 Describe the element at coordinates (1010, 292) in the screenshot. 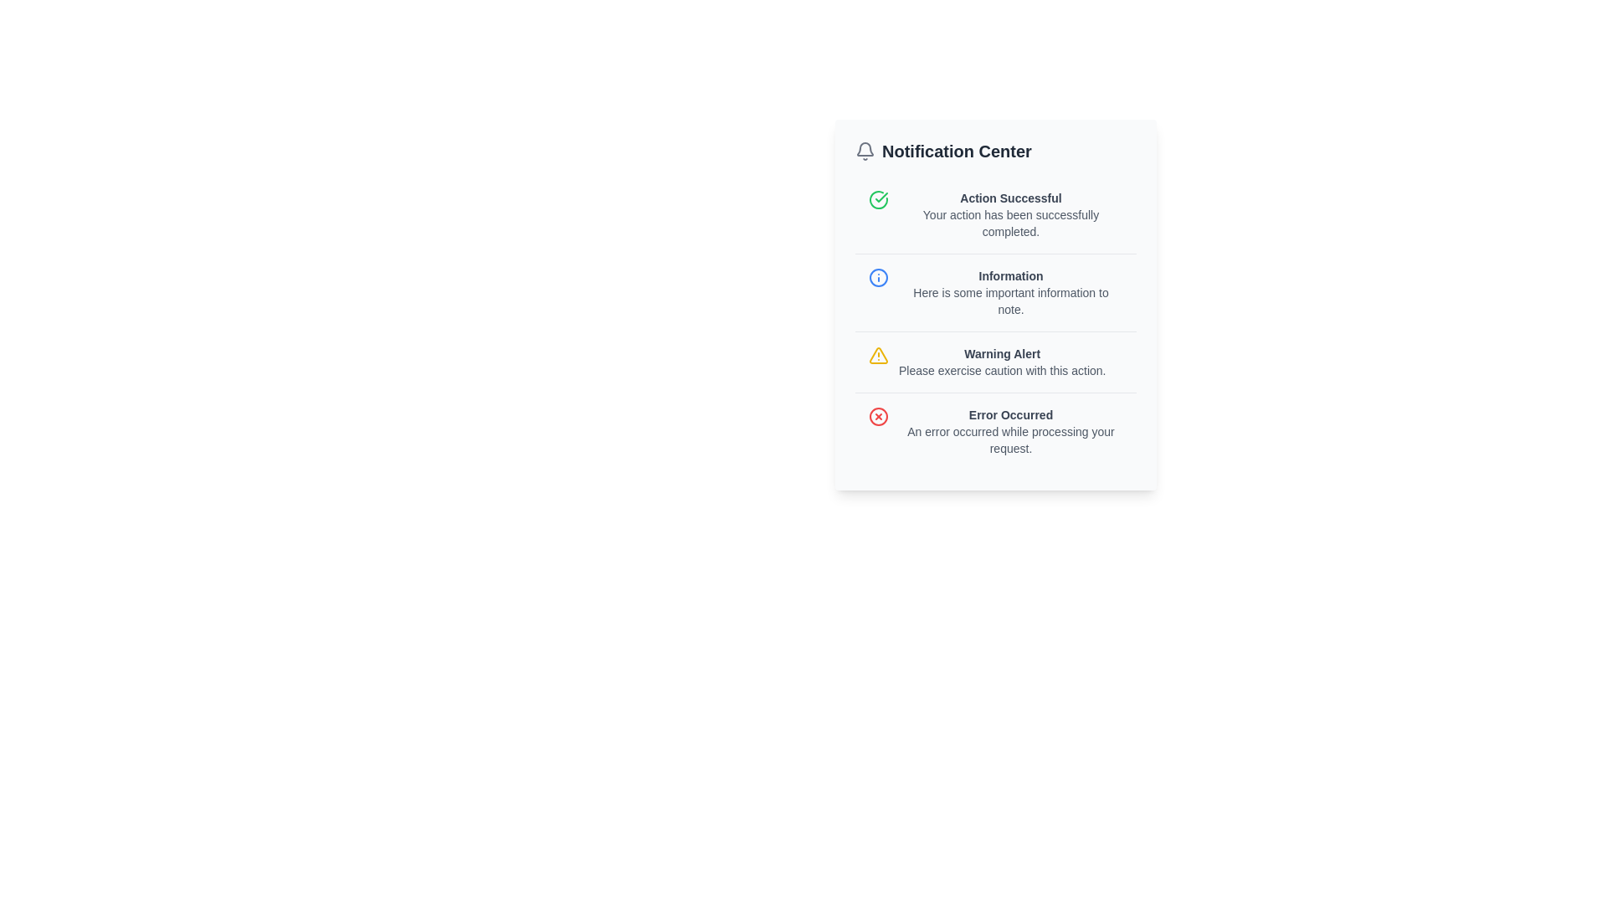

I see `the Informational block located in the Notification Center, which is the second entry in the list, positioned below 'Action Successful' and above 'Warning Alert'` at that location.